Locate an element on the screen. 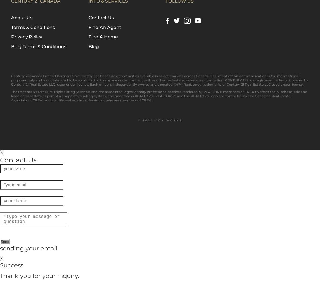 The height and width of the screenshot is (283, 320). 'Thank you for your inquiry.' is located at coordinates (39, 275).